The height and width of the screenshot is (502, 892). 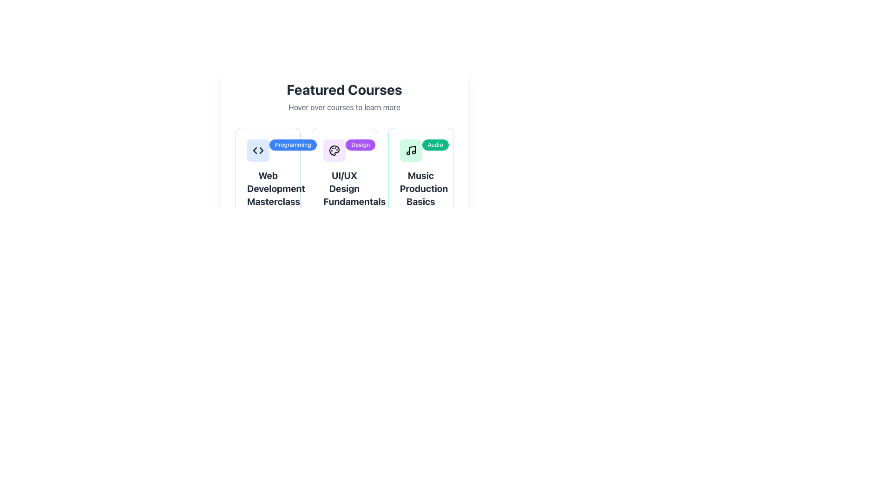 I want to click on the monochrome vector graphical element representing a painter's palette located in the 'UI/UX Design Fundamentals' section, adjacent to the design feature icon, so click(x=334, y=150).